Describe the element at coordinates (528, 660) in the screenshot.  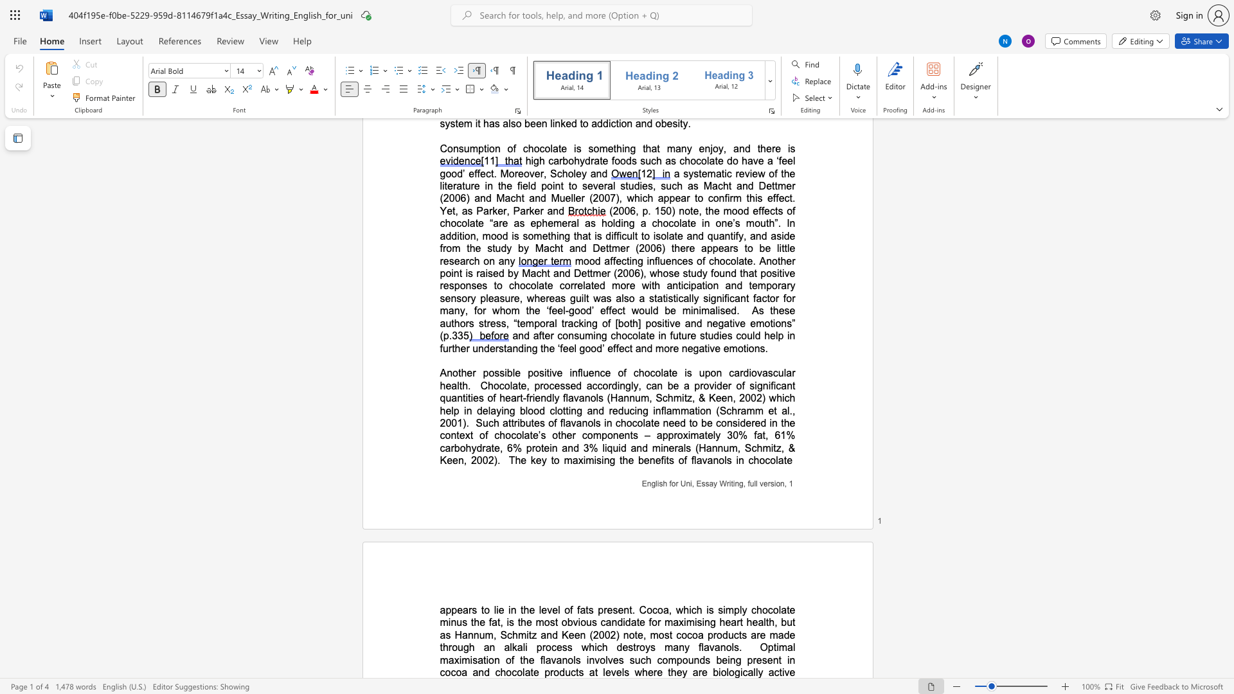
I see `the subset text "e flavanols involves such compounds being pre" within the text "Optimal maximisation of the flavanols involves such compounds being present in cocoa and chocolate products at levels where they are biologically"` at that location.